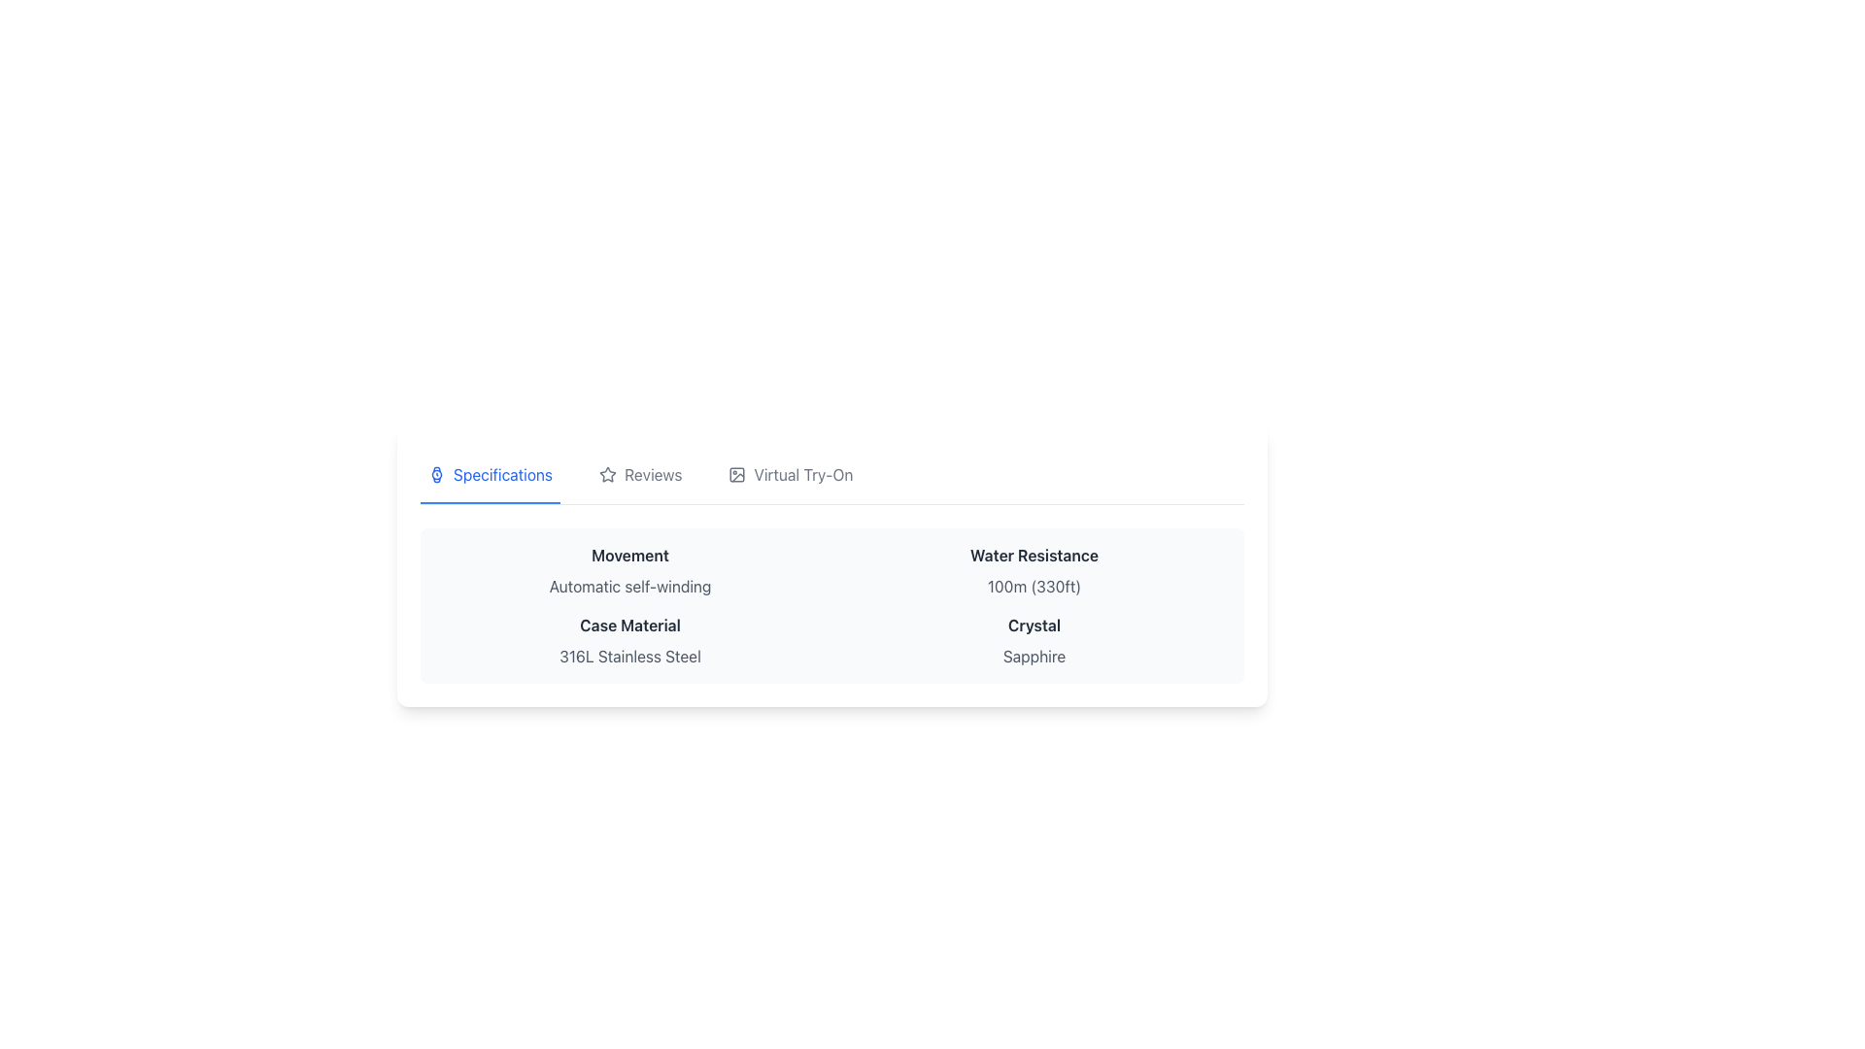 This screenshot has width=1865, height=1049. What do you see at coordinates (503, 475) in the screenshot?
I see `the 'Specifications' text label, which is styled in bold blue font and is the first item in a navigation bar` at bounding box center [503, 475].